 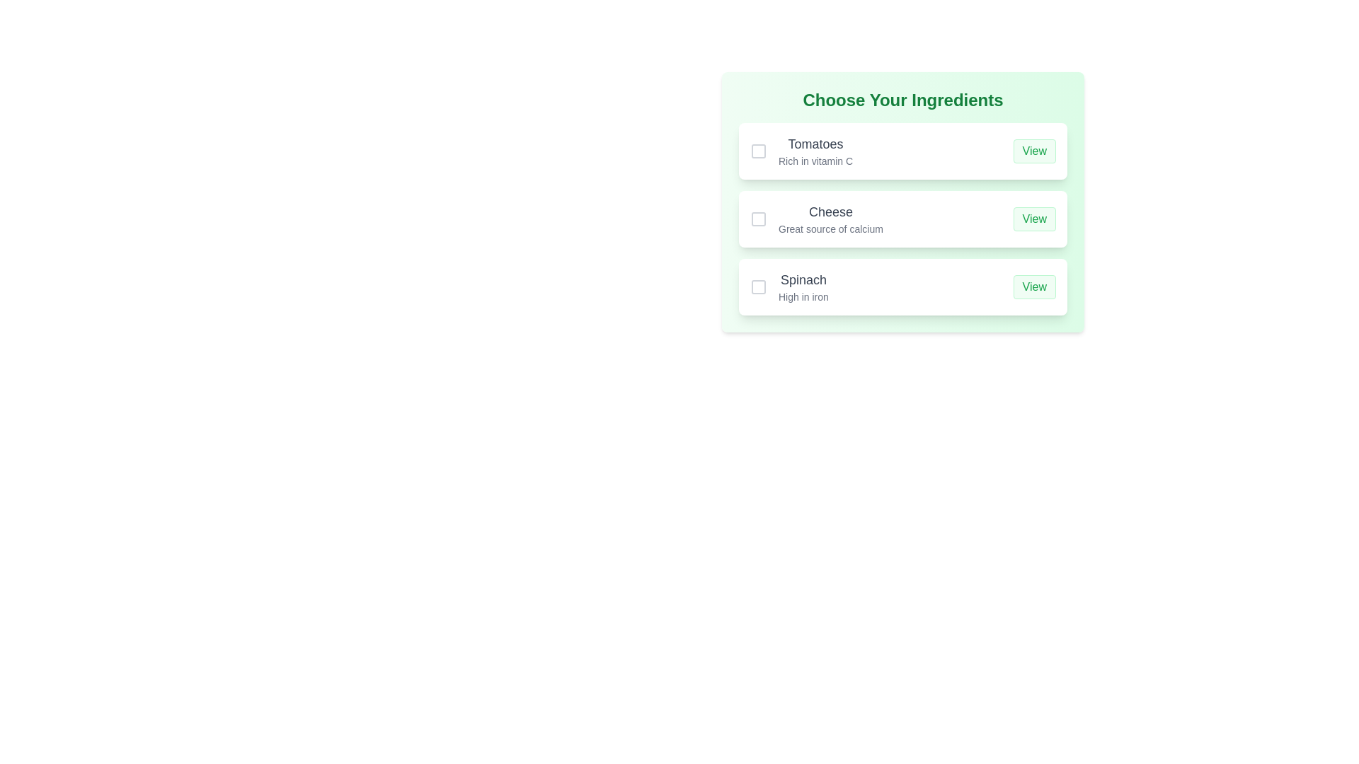 I want to click on the checkbox of the third ingredient entry card in the list, so click(x=902, y=286).